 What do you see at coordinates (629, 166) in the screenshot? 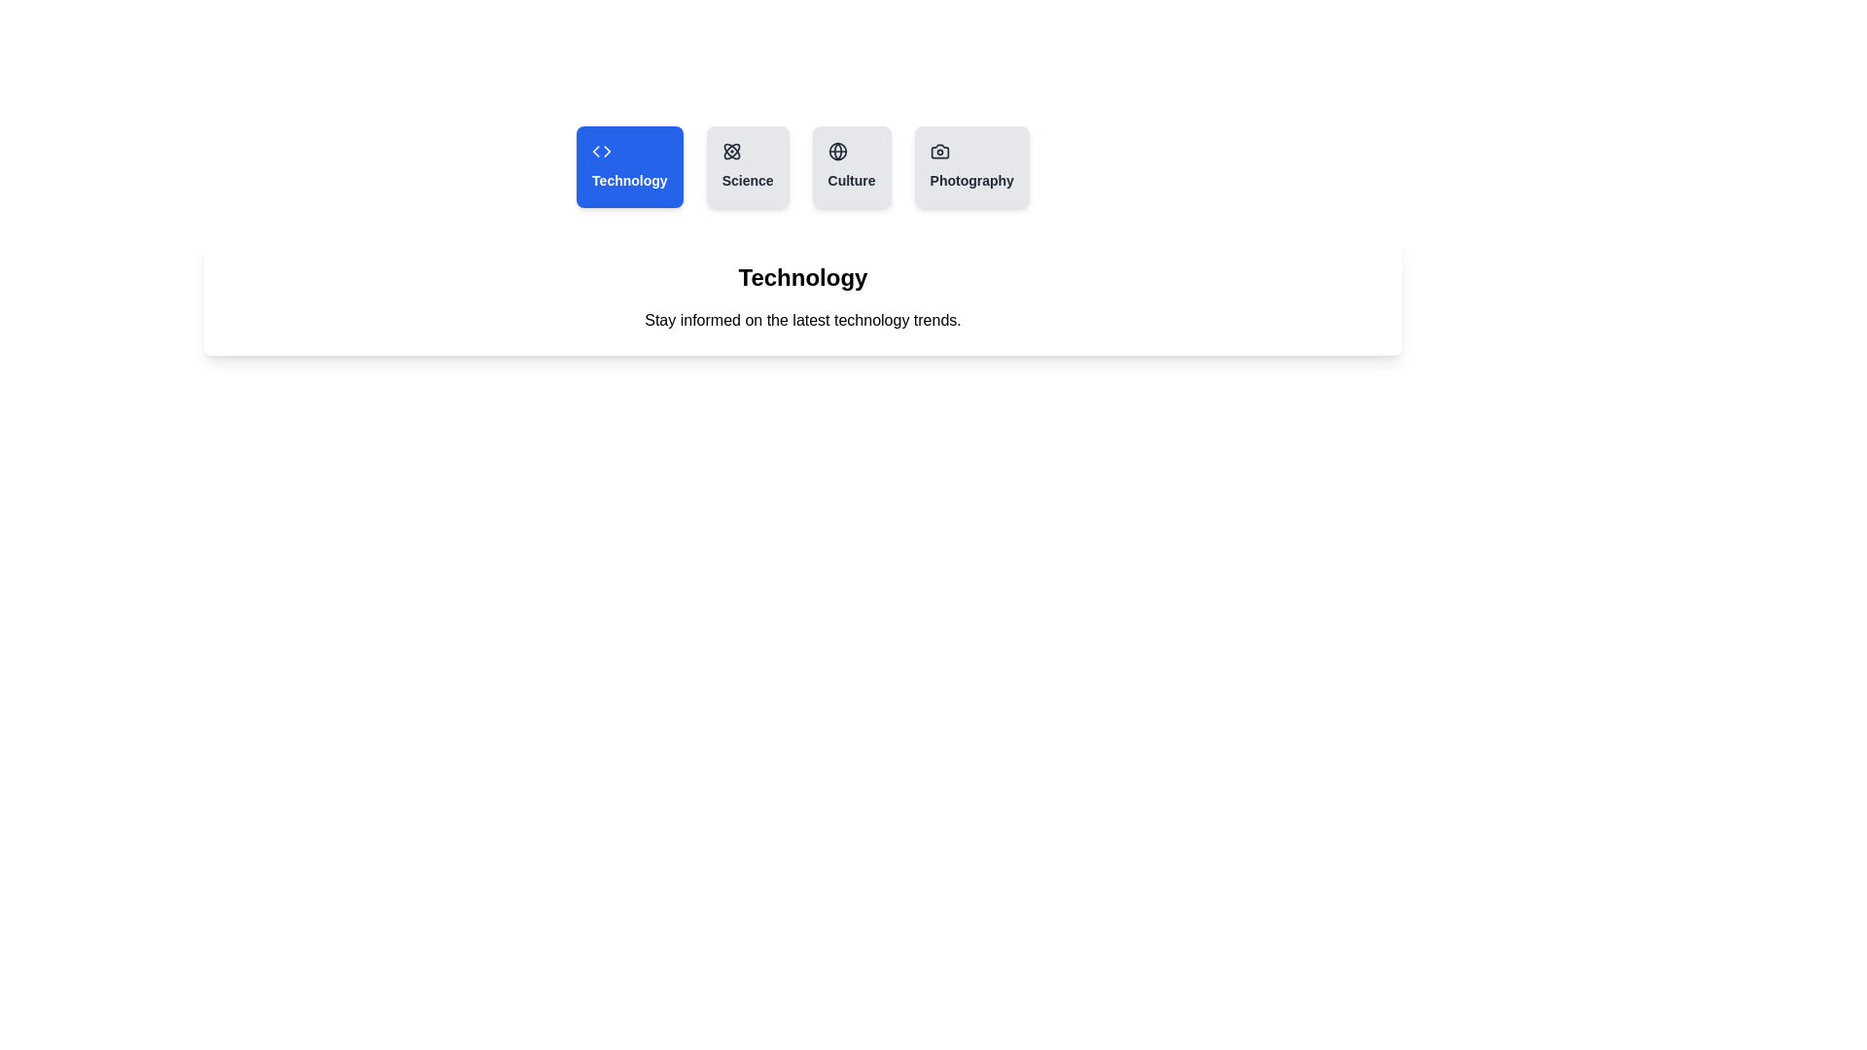
I see `the tab labeled Technology to observe its hover effect` at bounding box center [629, 166].